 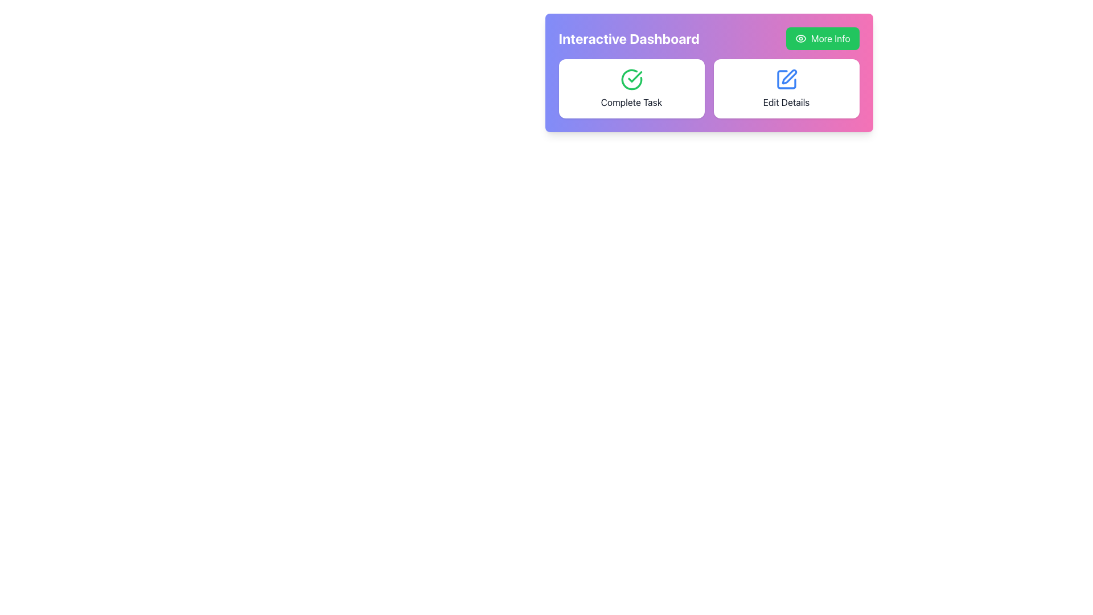 What do you see at coordinates (788, 77) in the screenshot?
I see `the pen icon representing the edit functionality located in the second column beneath the 'Edit Details' text` at bounding box center [788, 77].